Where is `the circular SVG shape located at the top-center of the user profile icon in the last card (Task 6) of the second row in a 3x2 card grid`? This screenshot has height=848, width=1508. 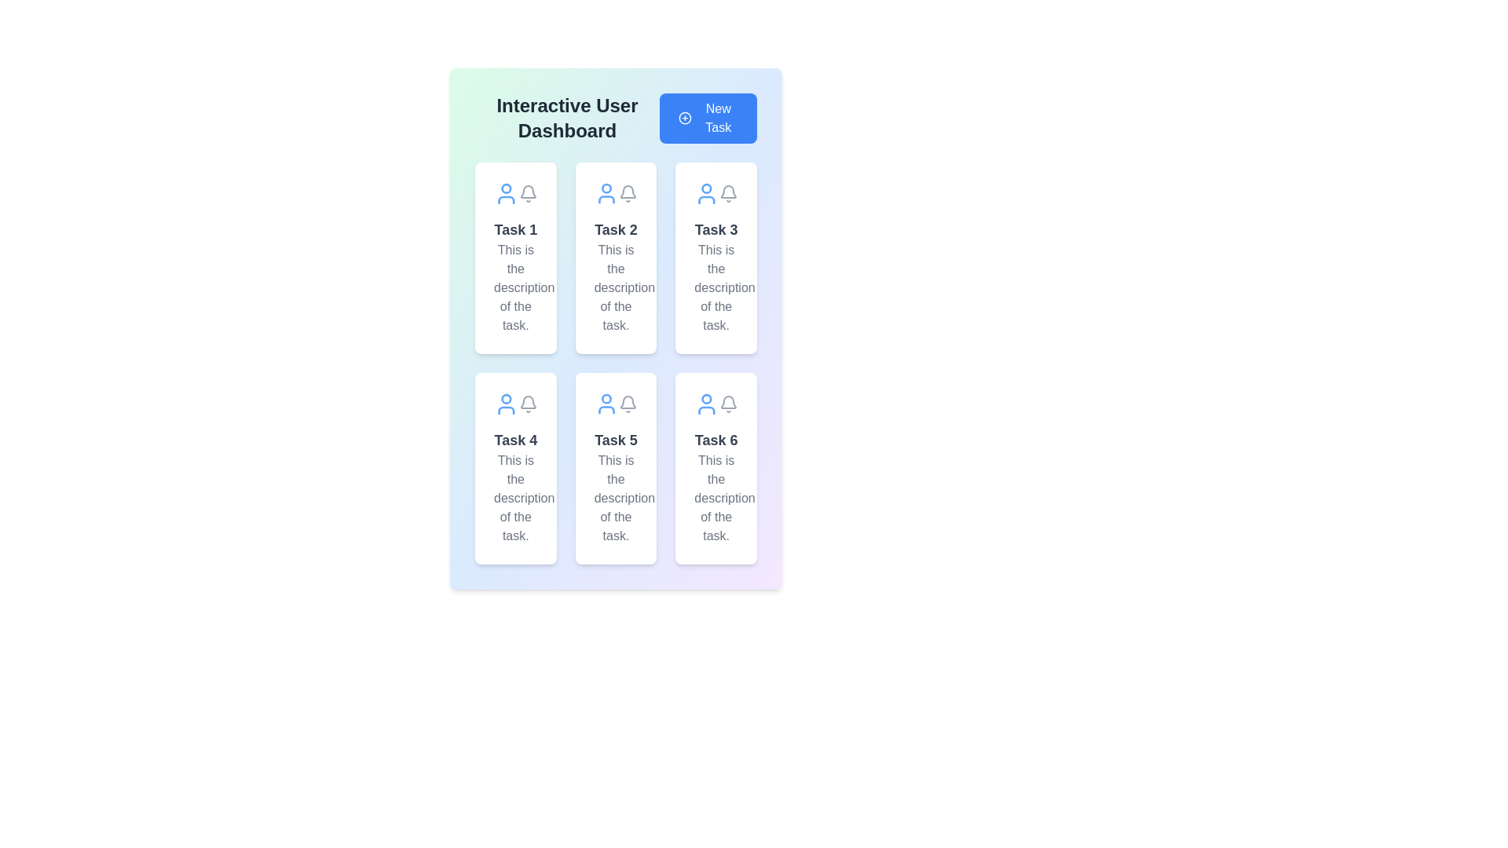
the circular SVG shape located at the top-center of the user profile icon in the last card (Task 6) of the second row in a 3x2 card grid is located at coordinates (706, 398).